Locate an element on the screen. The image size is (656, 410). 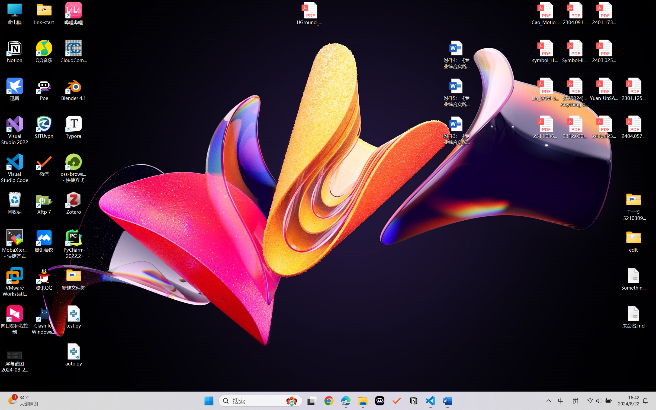
'Google Chrome' is located at coordinates (329, 401).